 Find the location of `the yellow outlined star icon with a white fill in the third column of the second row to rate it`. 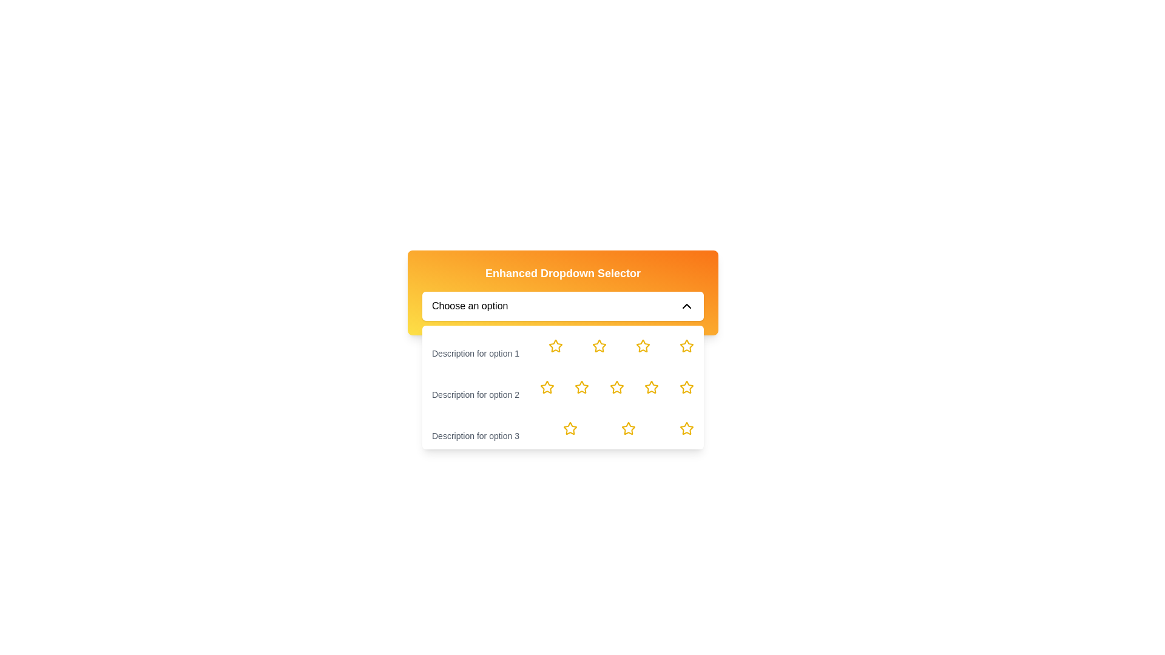

the yellow outlined star icon with a white fill in the third column of the second row to rate it is located at coordinates (616, 387).